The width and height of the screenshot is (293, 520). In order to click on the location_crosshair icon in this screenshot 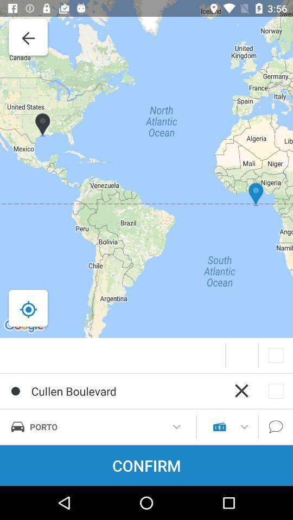, I will do `click(28, 309)`.